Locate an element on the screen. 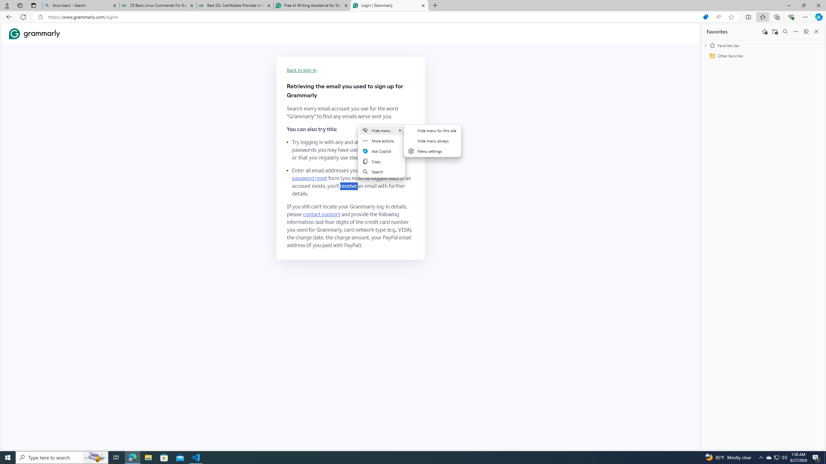  'Mini menu on text selection' is located at coordinates (381, 154).